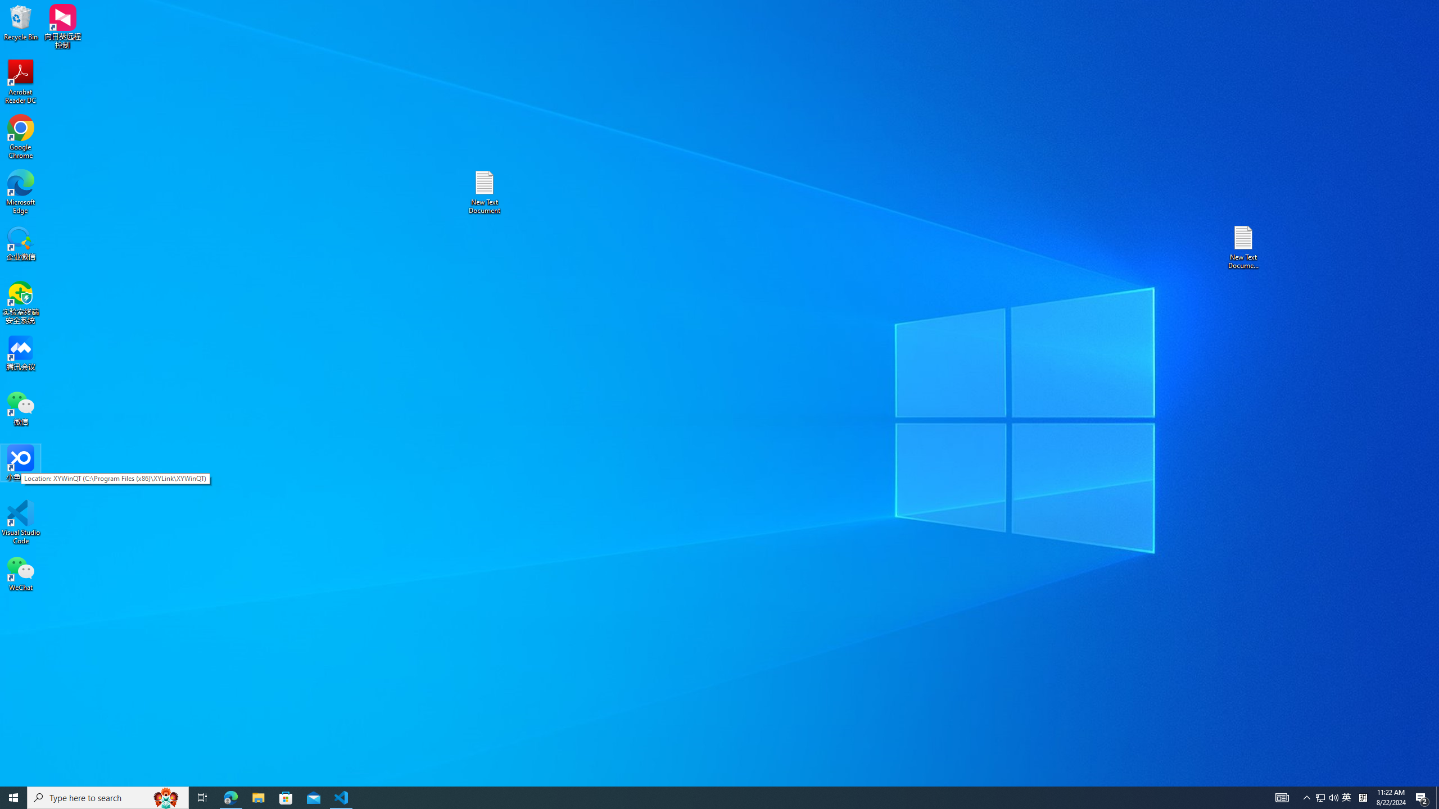 This screenshot has width=1439, height=809. What do you see at coordinates (1422, 797) in the screenshot?
I see `'Action Center, 2 new notifications'` at bounding box center [1422, 797].